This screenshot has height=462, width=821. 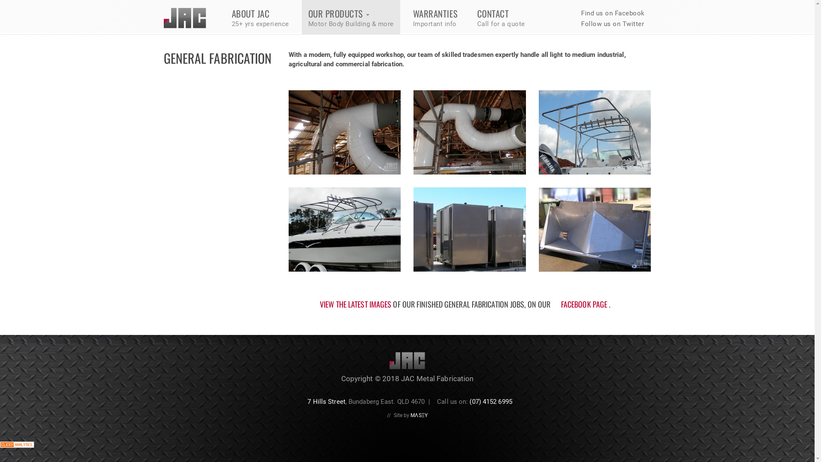 I want to click on 'FACEBOOK PAGE', so click(x=584, y=303).